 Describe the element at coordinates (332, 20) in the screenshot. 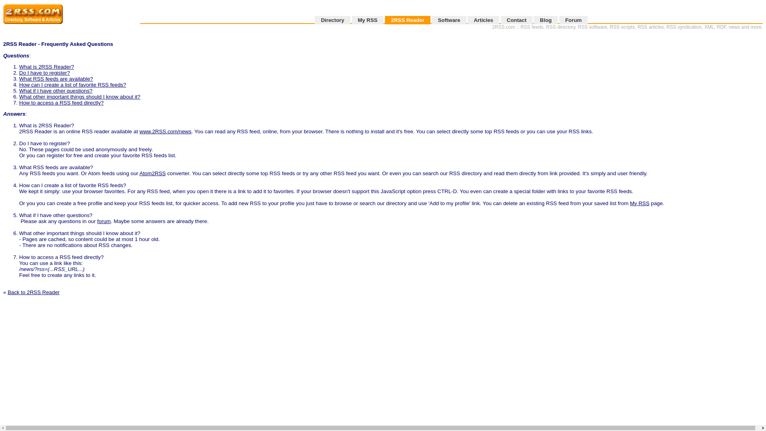

I see `'Directory'` at that location.